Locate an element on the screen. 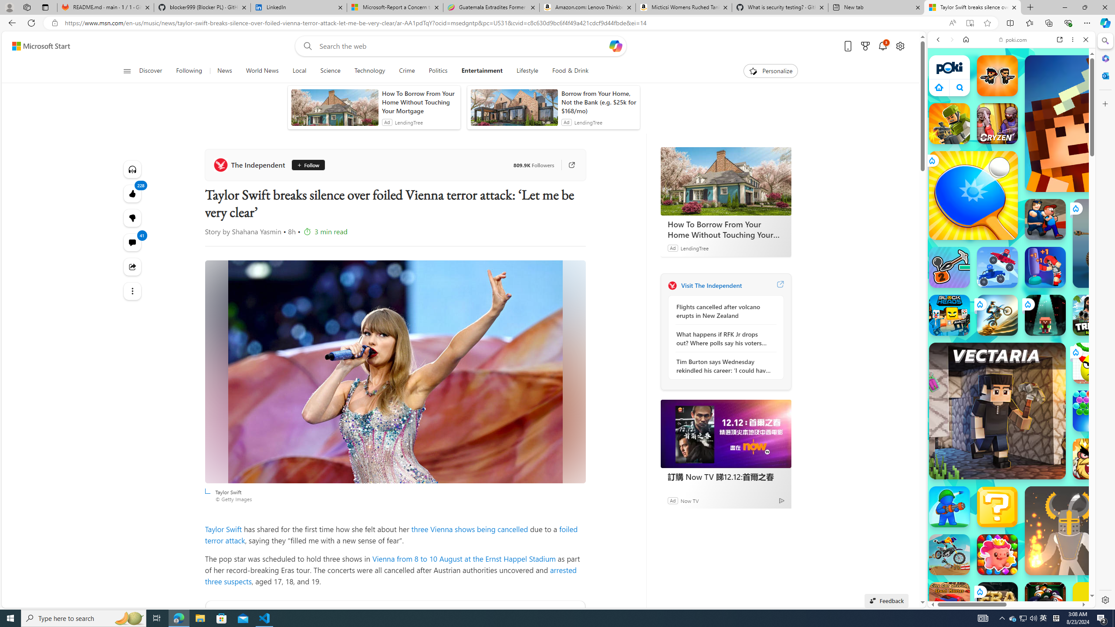  'arrested three suspects' is located at coordinates (391, 575).